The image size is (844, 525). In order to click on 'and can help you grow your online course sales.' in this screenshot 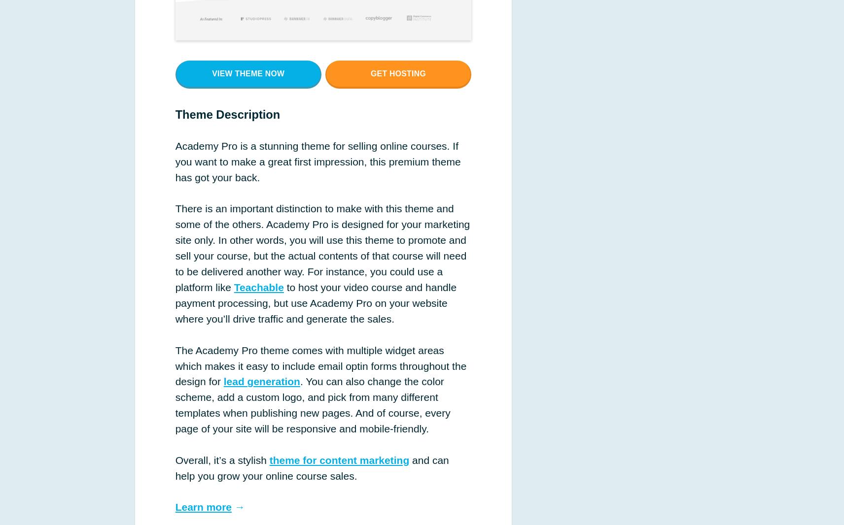, I will do `click(311, 467)`.